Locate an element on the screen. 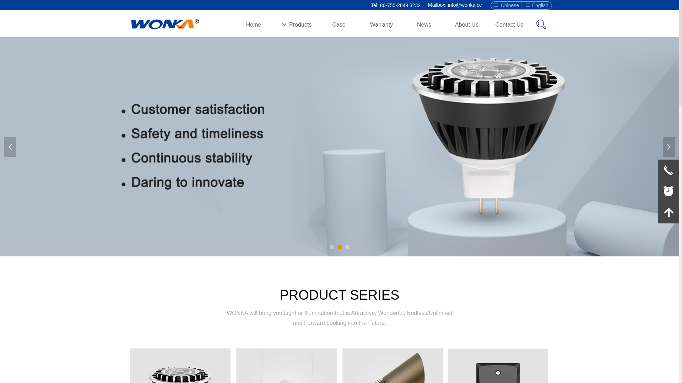 The width and height of the screenshot is (682, 383). 'News' is located at coordinates (424, 24).